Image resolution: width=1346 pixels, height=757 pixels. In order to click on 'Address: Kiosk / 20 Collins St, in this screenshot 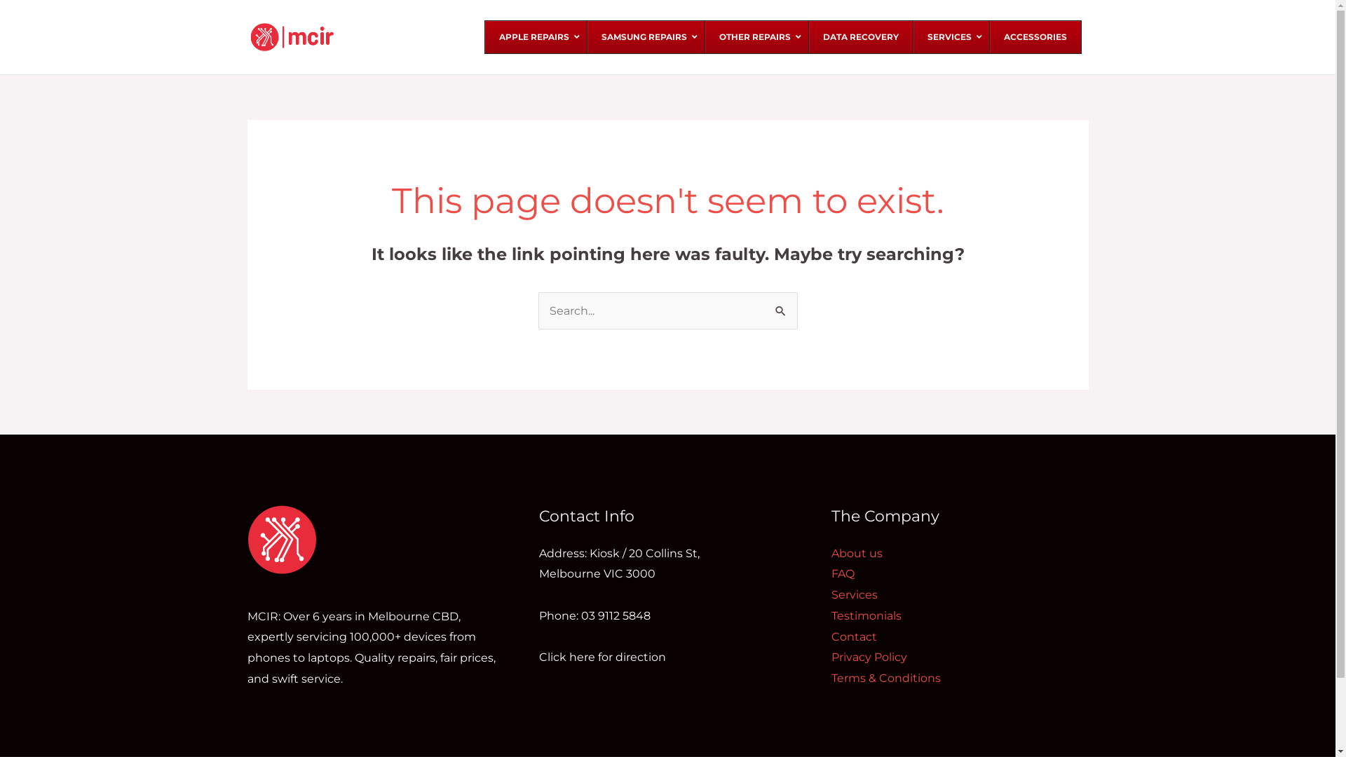, I will do `click(538, 563)`.